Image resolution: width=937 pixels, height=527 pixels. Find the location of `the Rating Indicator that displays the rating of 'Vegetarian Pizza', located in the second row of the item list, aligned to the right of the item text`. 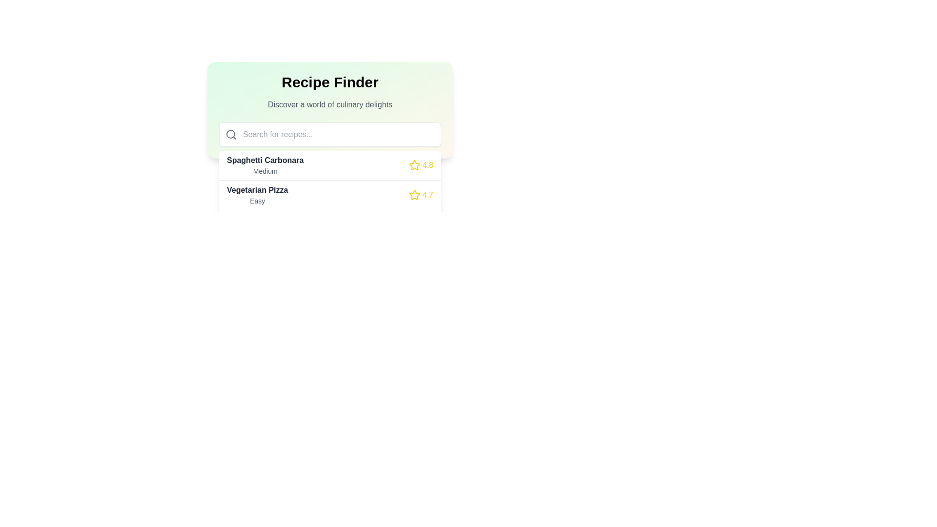

the Rating Indicator that displays the rating of 'Vegetarian Pizza', located in the second row of the item list, aligned to the right of the item text is located at coordinates (421, 195).